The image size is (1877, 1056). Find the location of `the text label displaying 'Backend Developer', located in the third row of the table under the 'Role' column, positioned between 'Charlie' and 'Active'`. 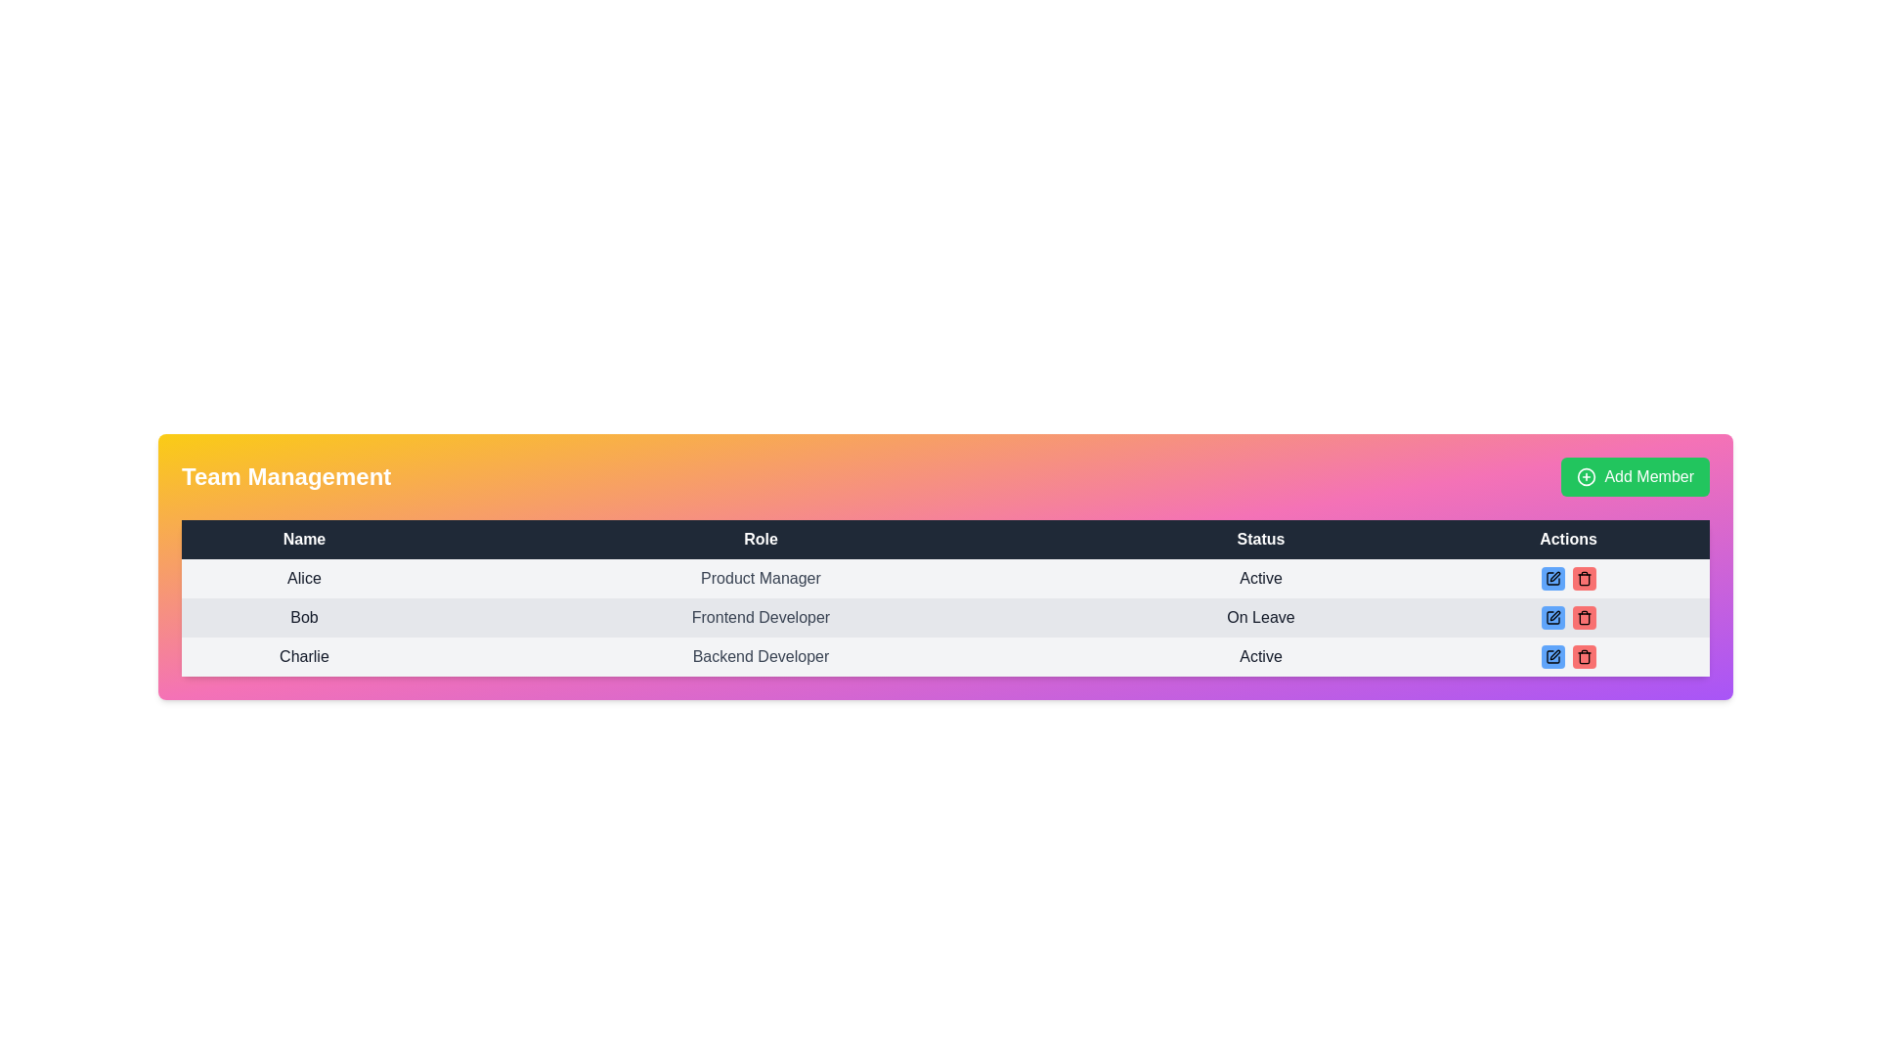

the text label displaying 'Backend Developer', located in the third row of the table under the 'Role' column, positioned between 'Charlie' and 'Active' is located at coordinates (760, 656).